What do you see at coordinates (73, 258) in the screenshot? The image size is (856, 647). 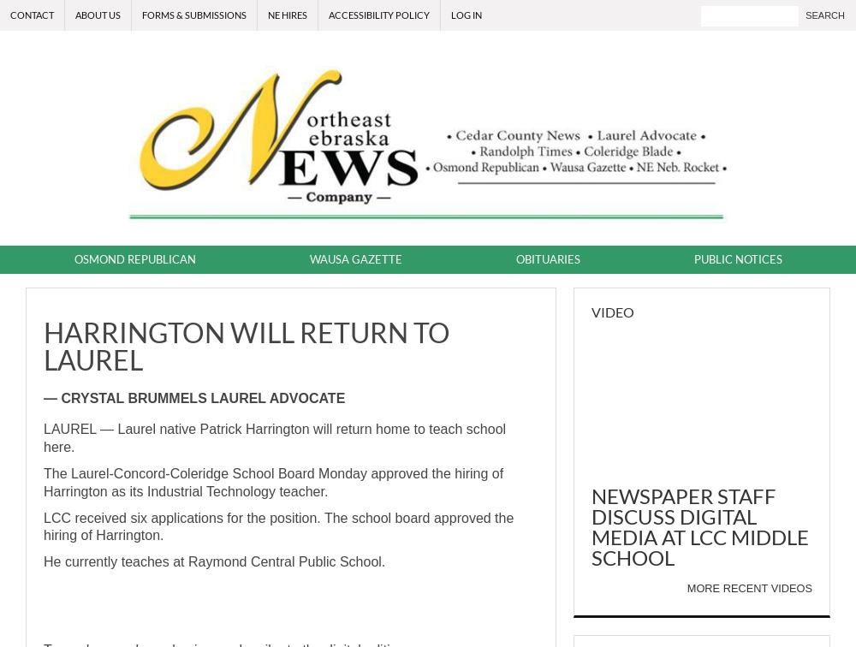 I see `'Osmond Republican'` at bounding box center [73, 258].